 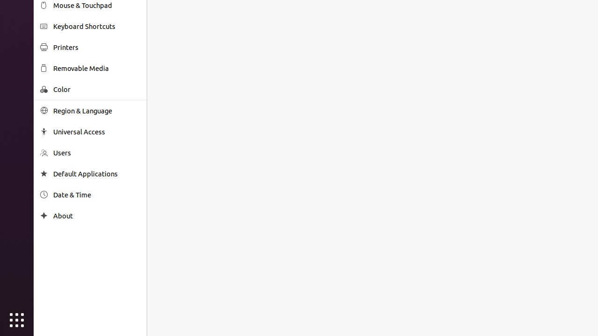 What do you see at coordinates (96, 110) in the screenshot?
I see `'Region & Language'` at bounding box center [96, 110].